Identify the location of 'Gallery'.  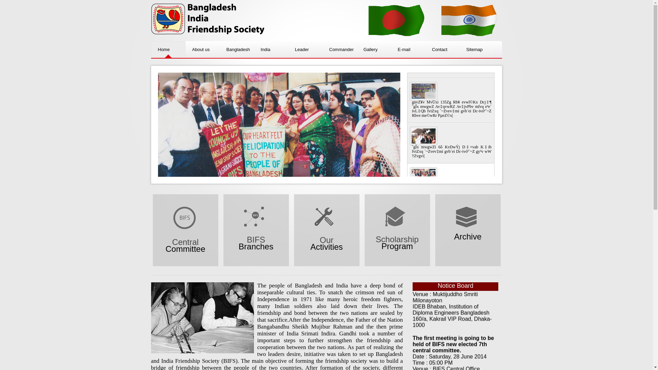
(356, 49).